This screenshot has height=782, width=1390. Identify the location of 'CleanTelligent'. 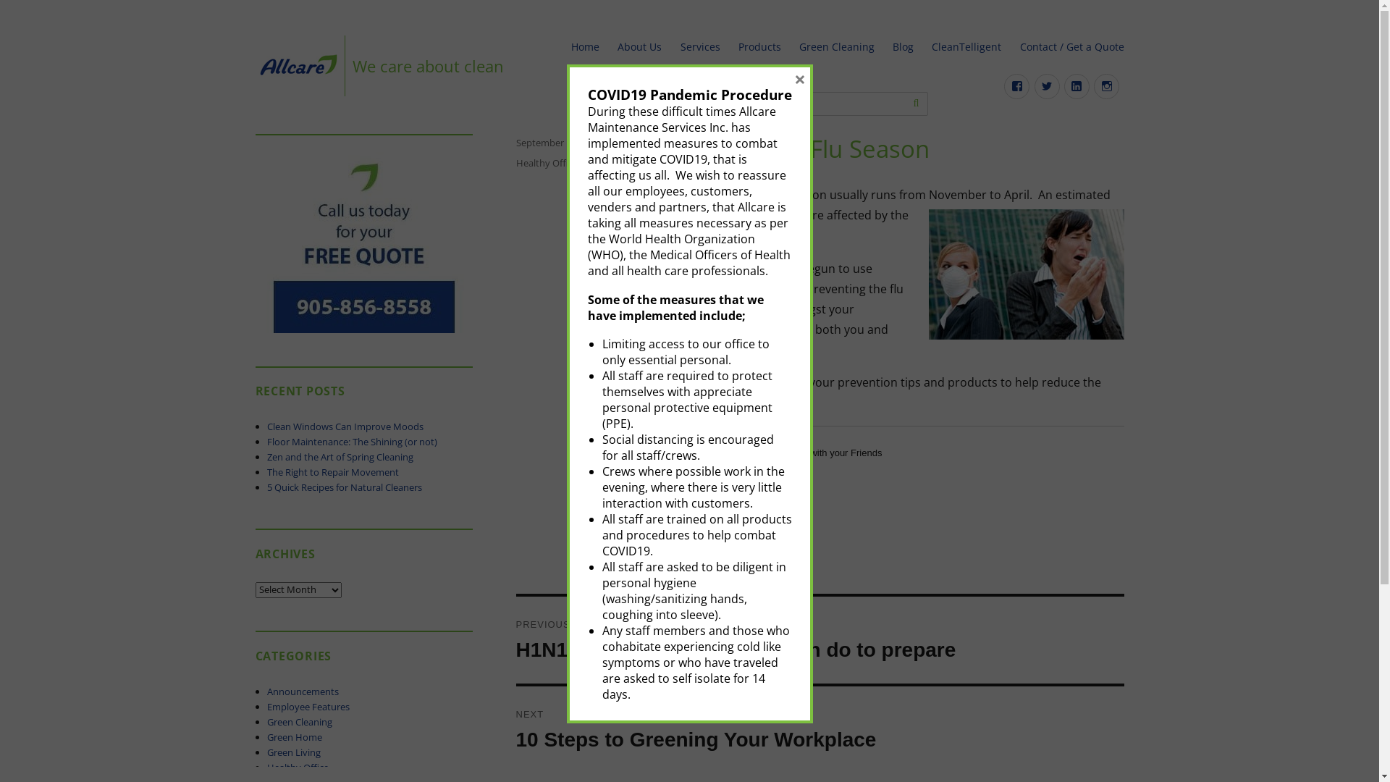
(966, 46).